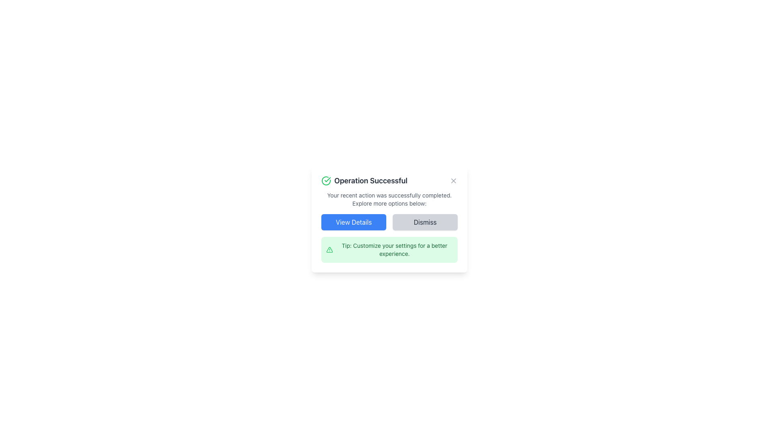 The width and height of the screenshot is (779, 438). I want to click on the button labeled 'View Details' with a bright blue background to observe the style change, which includes a darker blue background upon hovering, so click(354, 222).